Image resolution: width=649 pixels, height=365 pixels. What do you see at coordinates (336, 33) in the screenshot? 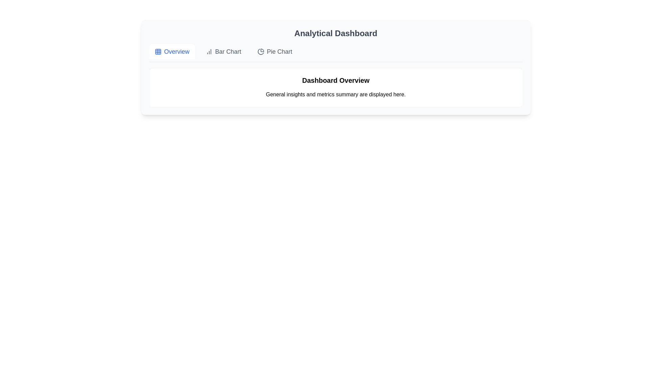
I see `the 'Analytical Dashboard' text label, which is a bold, large font header displayed in grayish-blue color at the top of its section` at bounding box center [336, 33].